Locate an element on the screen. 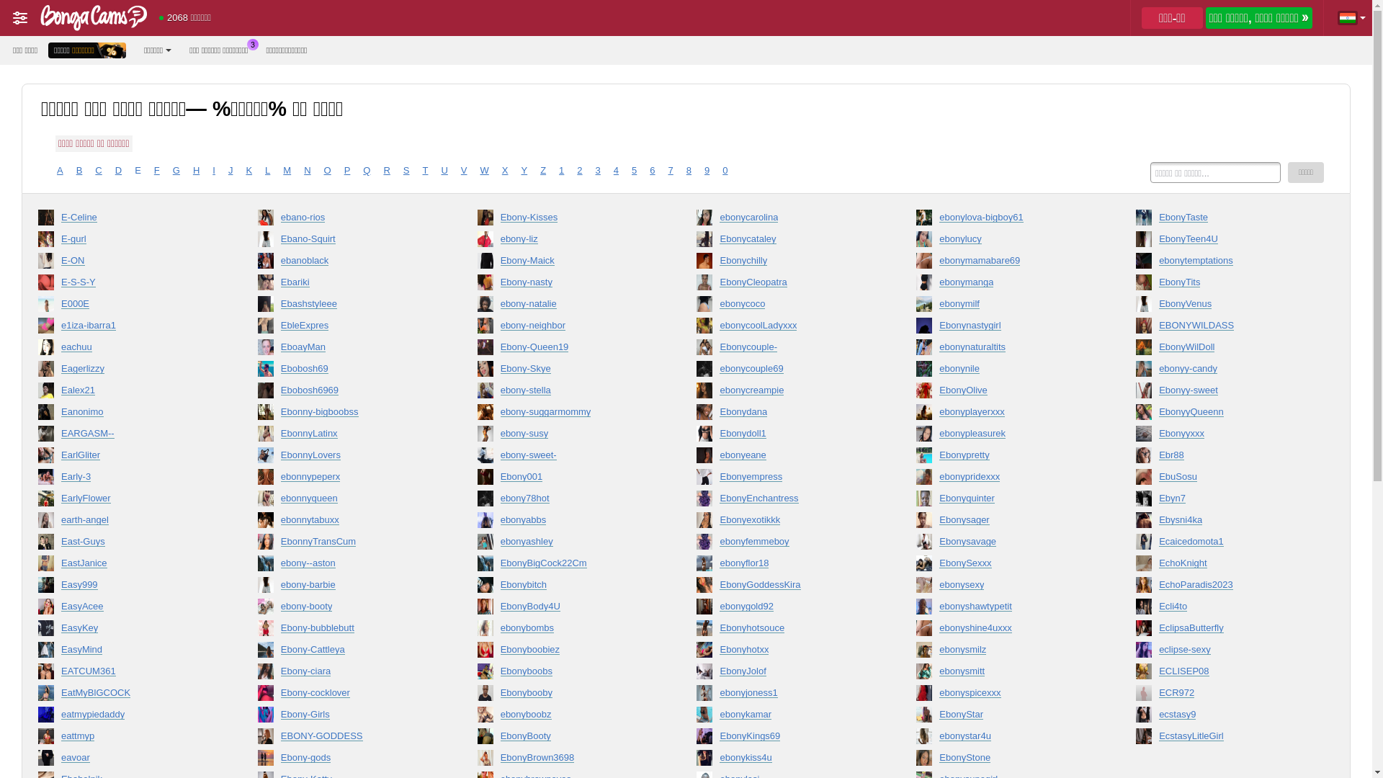  'Ebony-Queen19' is located at coordinates (566, 350).